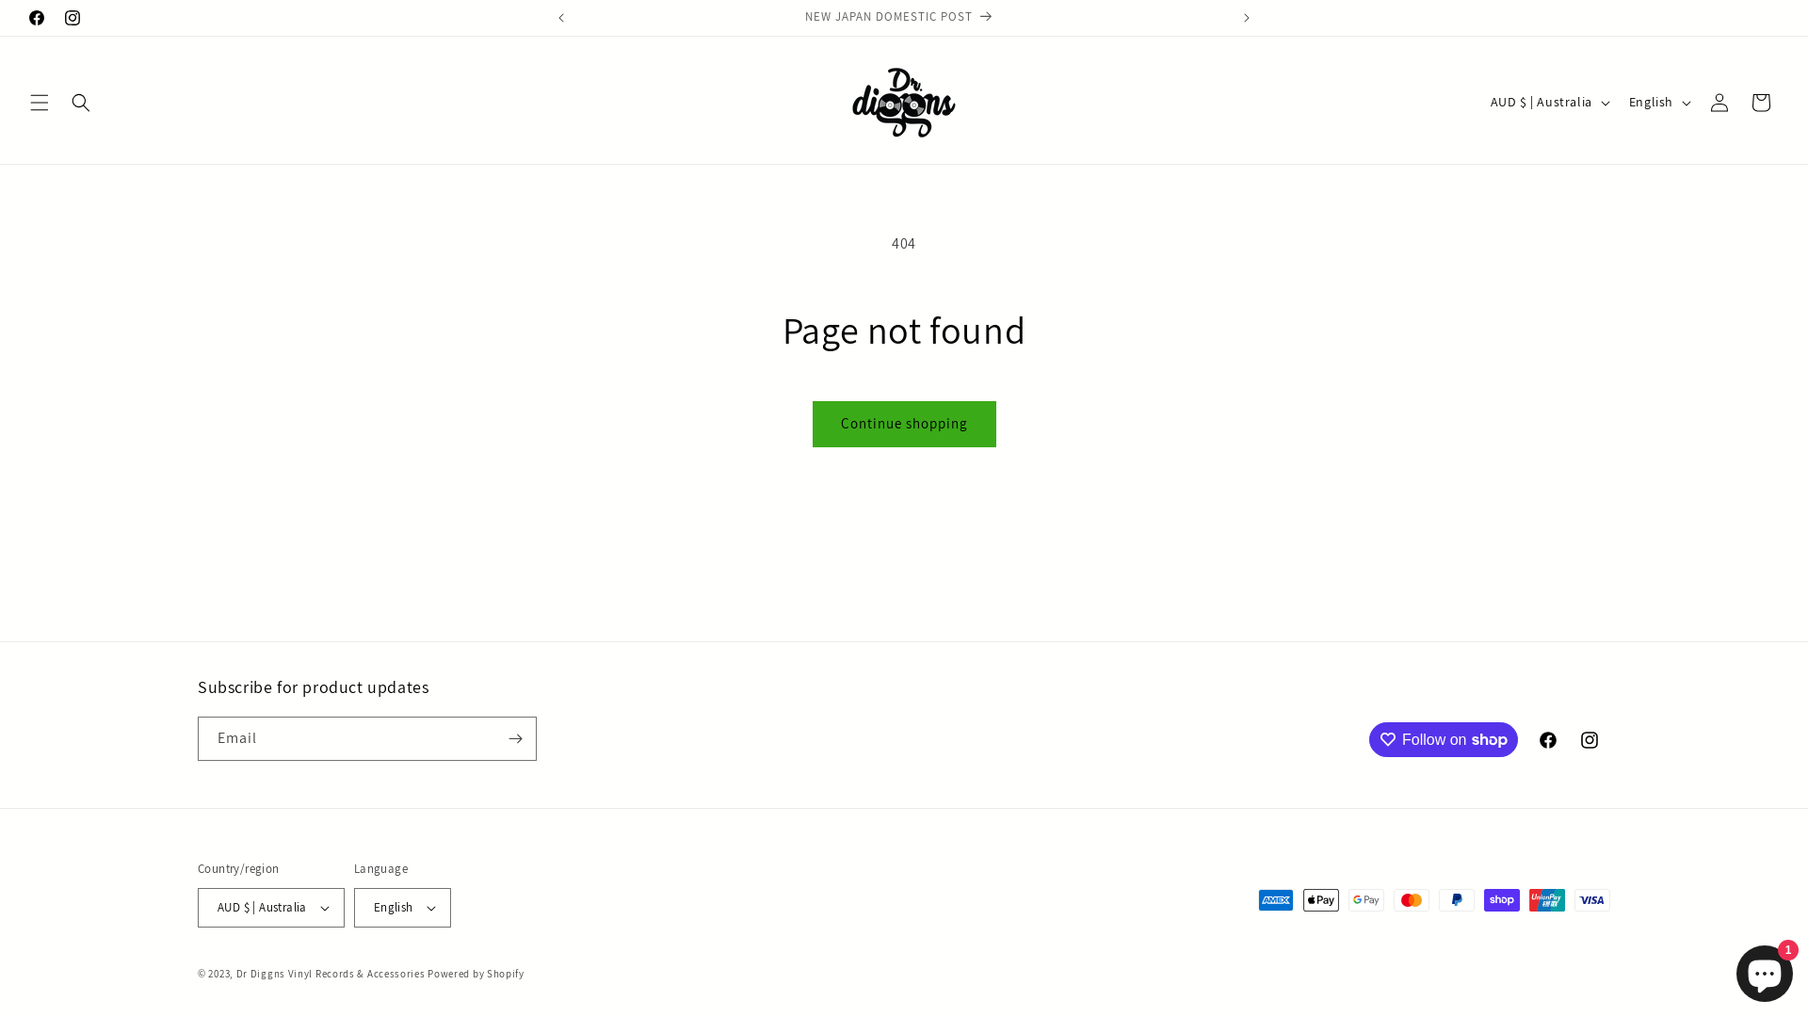  What do you see at coordinates (476, 973) in the screenshot?
I see `'Powered by Shopify'` at bounding box center [476, 973].